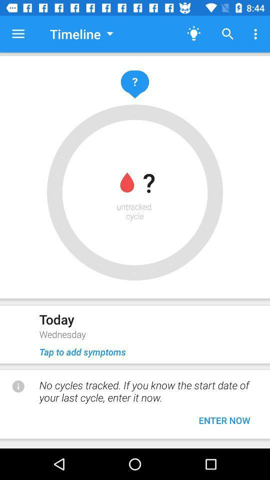  What do you see at coordinates (193, 34) in the screenshot?
I see `the light icon at the top of the page` at bounding box center [193, 34].